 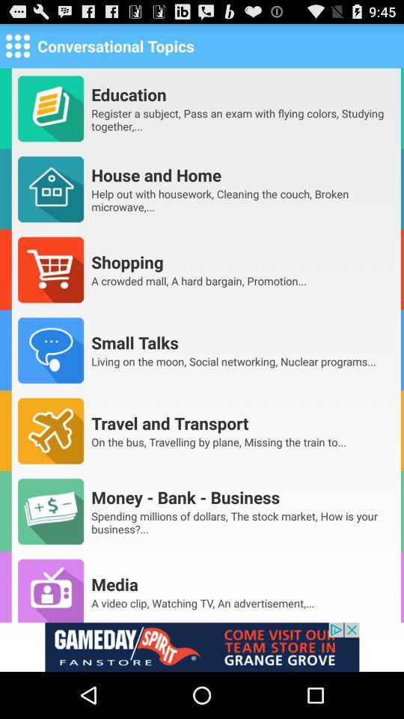 What do you see at coordinates (16, 44) in the screenshot?
I see `menu choice` at bounding box center [16, 44].